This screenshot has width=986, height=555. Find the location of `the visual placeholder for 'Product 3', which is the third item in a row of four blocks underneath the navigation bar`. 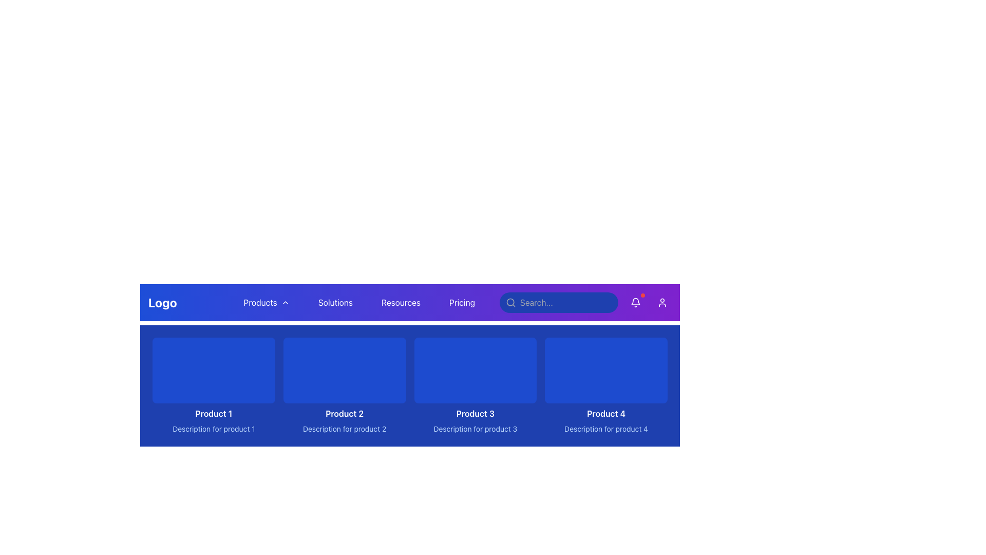

the visual placeholder for 'Product 3', which is the third item in a row of four blocks underneath the navigation bar is located at coordinates (475, 371).